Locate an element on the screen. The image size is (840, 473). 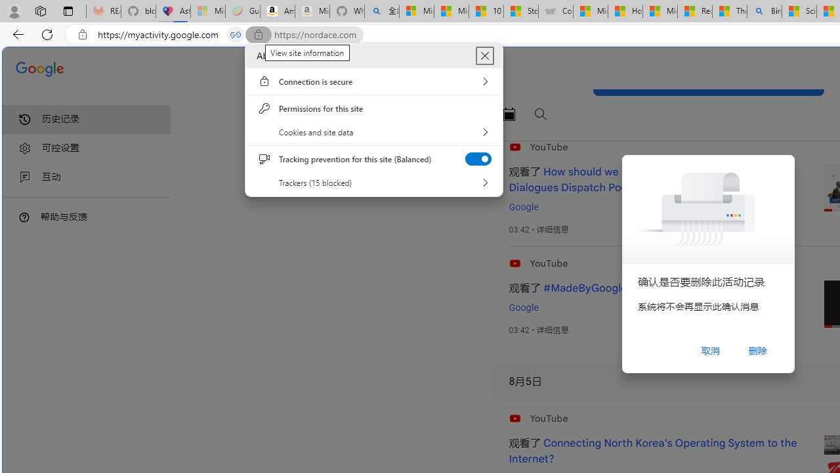
'Connecting North Korea' is located at coordinates (652, 451).